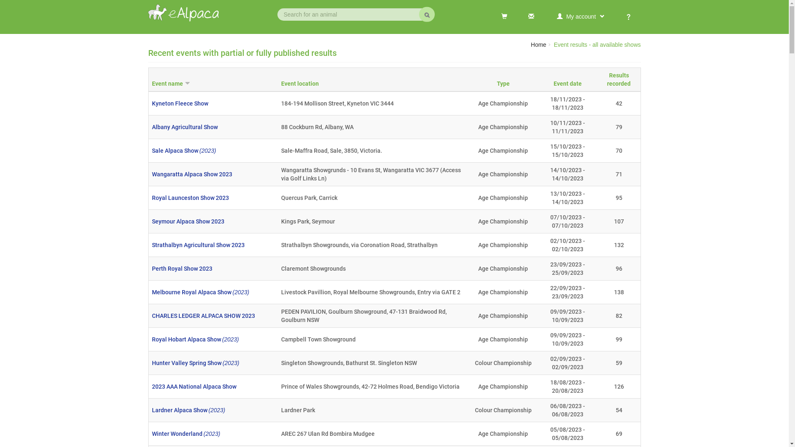 This screenshot has width=795, height=447. What do you see at coordinates (151, 316) in the screenshot?
I see `'CHARLES LEDGER ALPACA SHOW 2023'` at bounding box center [151, 316].